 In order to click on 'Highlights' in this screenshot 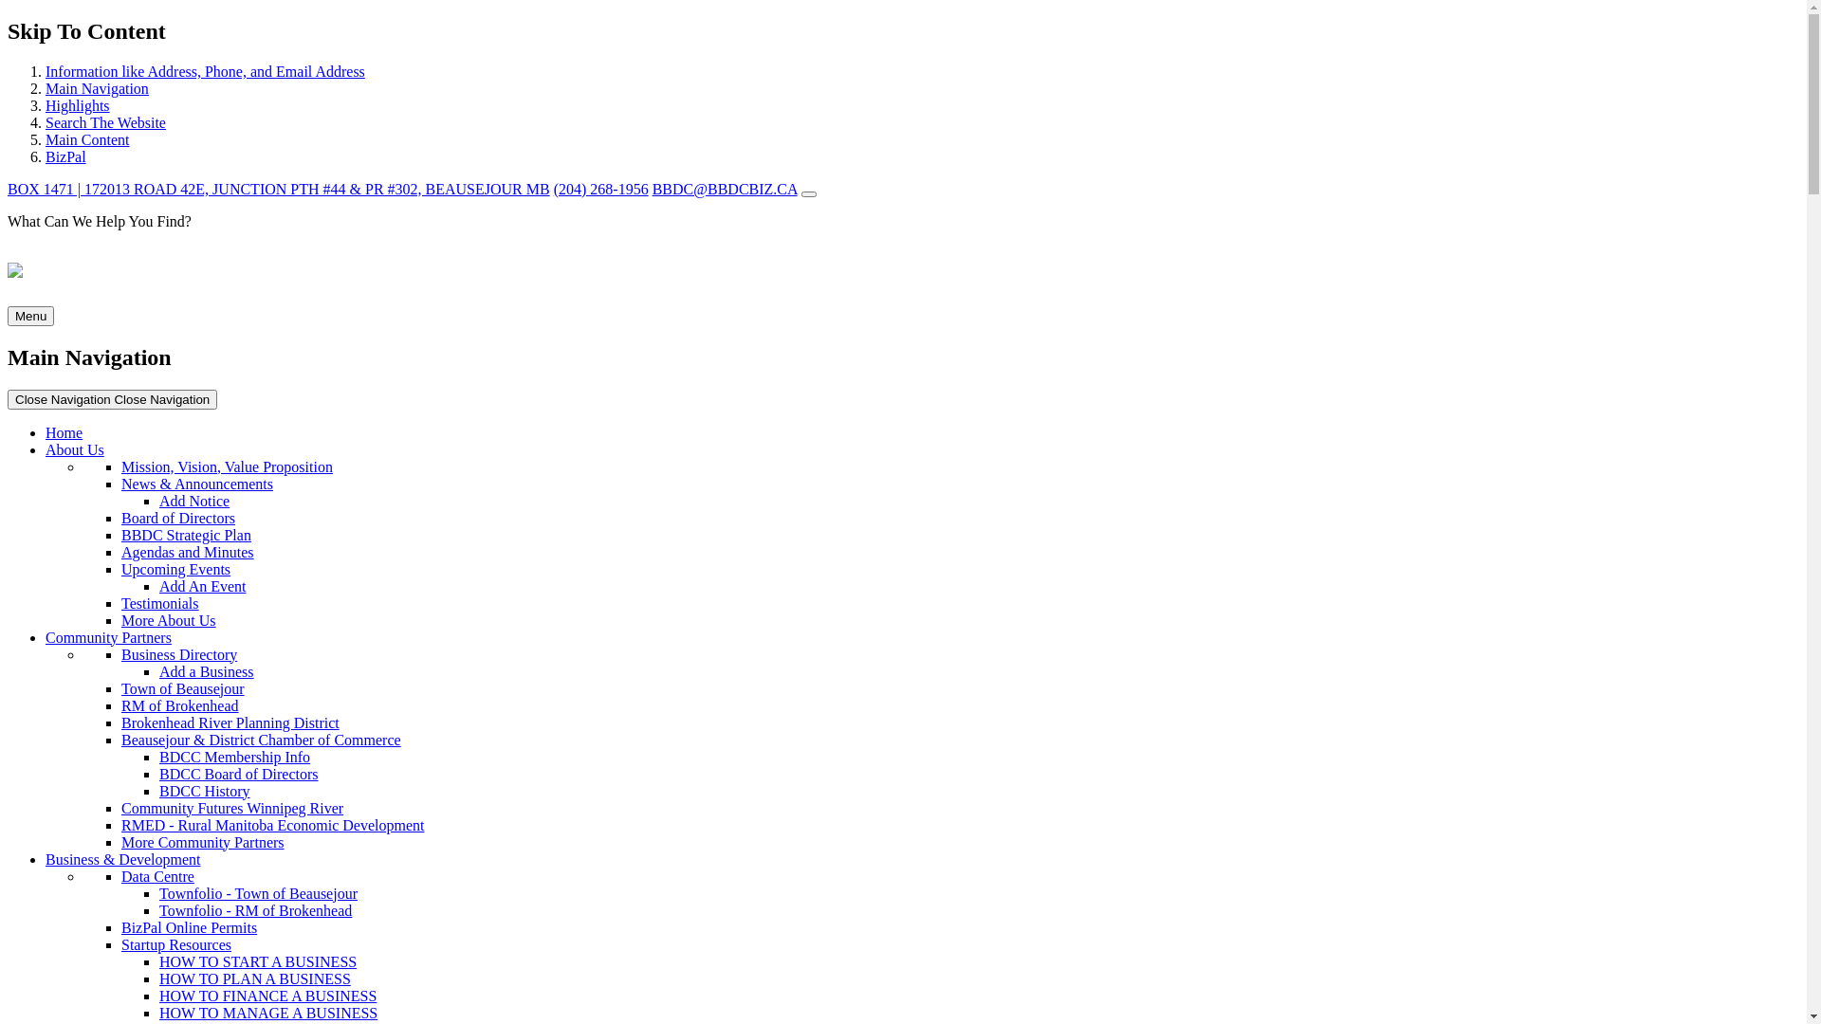, I will do `click(46, 105)`.